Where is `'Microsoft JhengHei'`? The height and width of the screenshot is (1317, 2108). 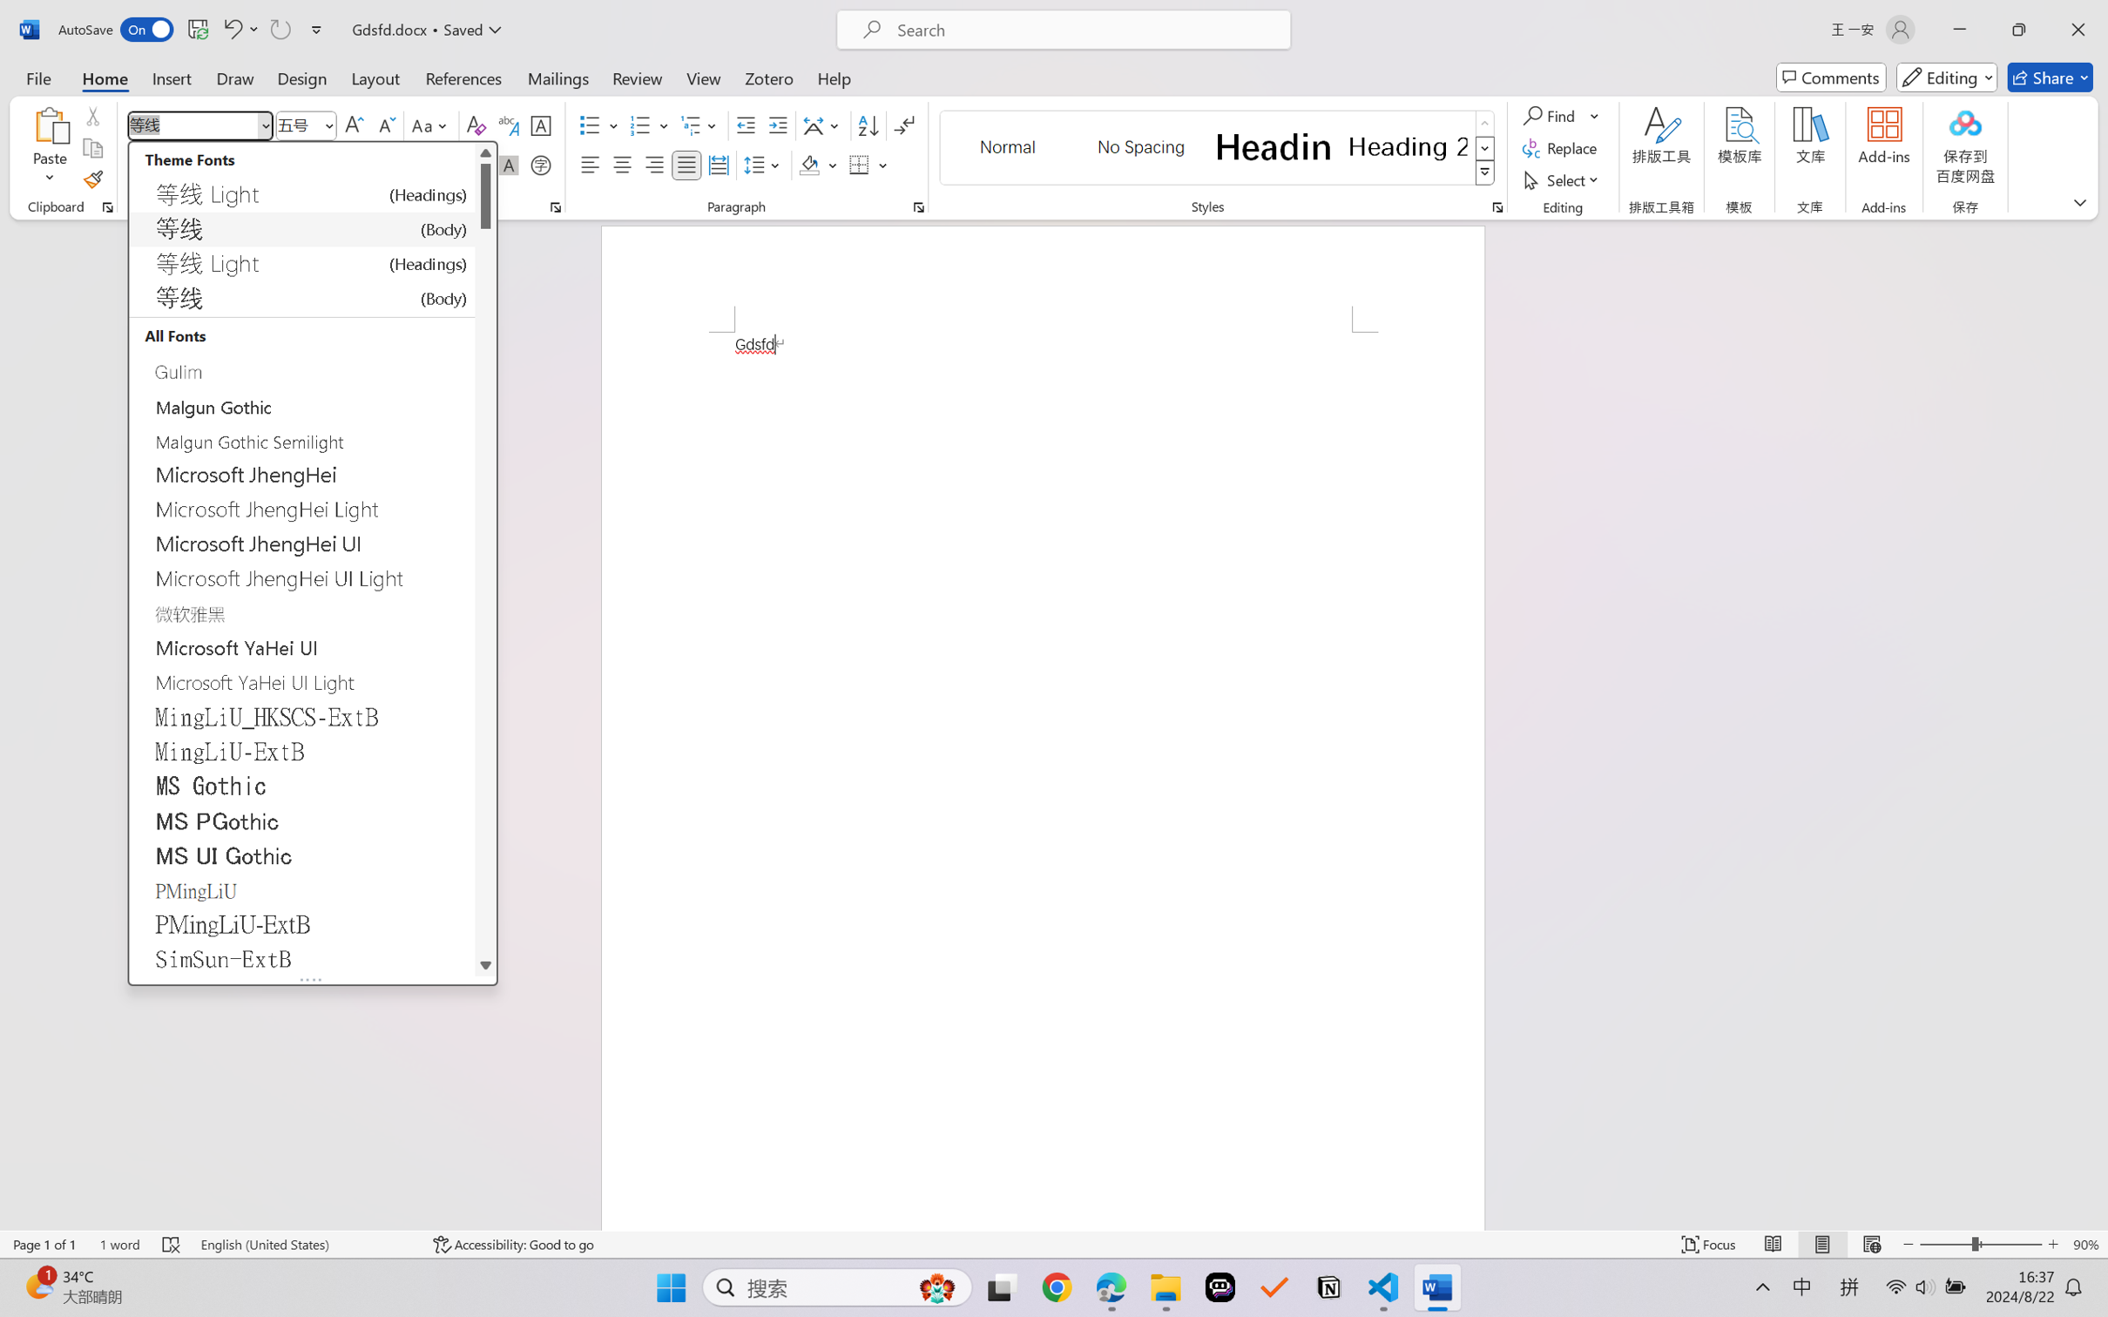 'Microsoft JhengHei' is located at coordinates (301, 474).